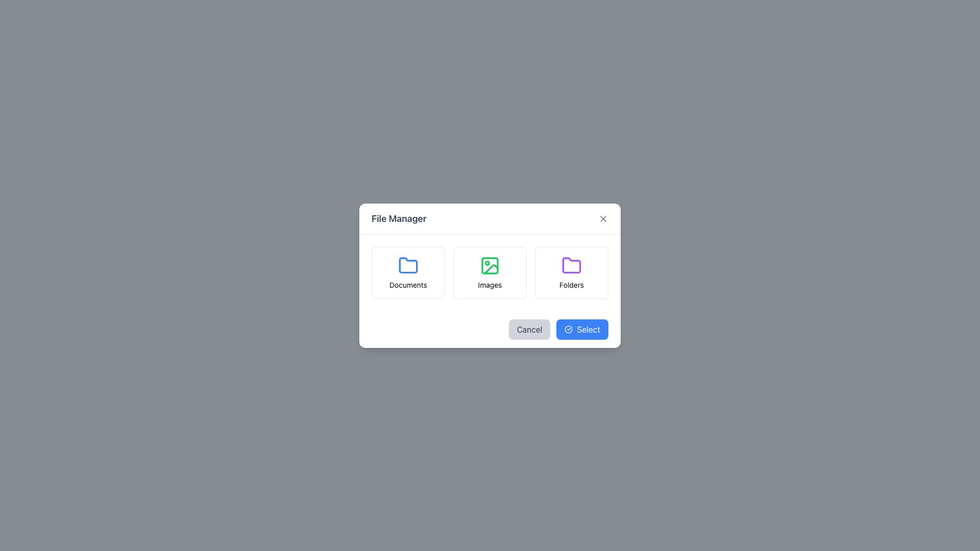  I want to click on the 'Folders' option item, which features a purple outlined folder icon and is the last element in a horizontal row of options, so click(571, 271).